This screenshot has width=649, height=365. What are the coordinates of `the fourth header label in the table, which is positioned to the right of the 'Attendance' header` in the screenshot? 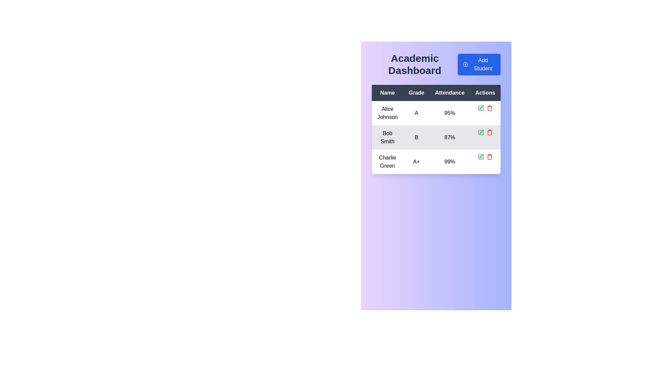 It's located at (485, 93).